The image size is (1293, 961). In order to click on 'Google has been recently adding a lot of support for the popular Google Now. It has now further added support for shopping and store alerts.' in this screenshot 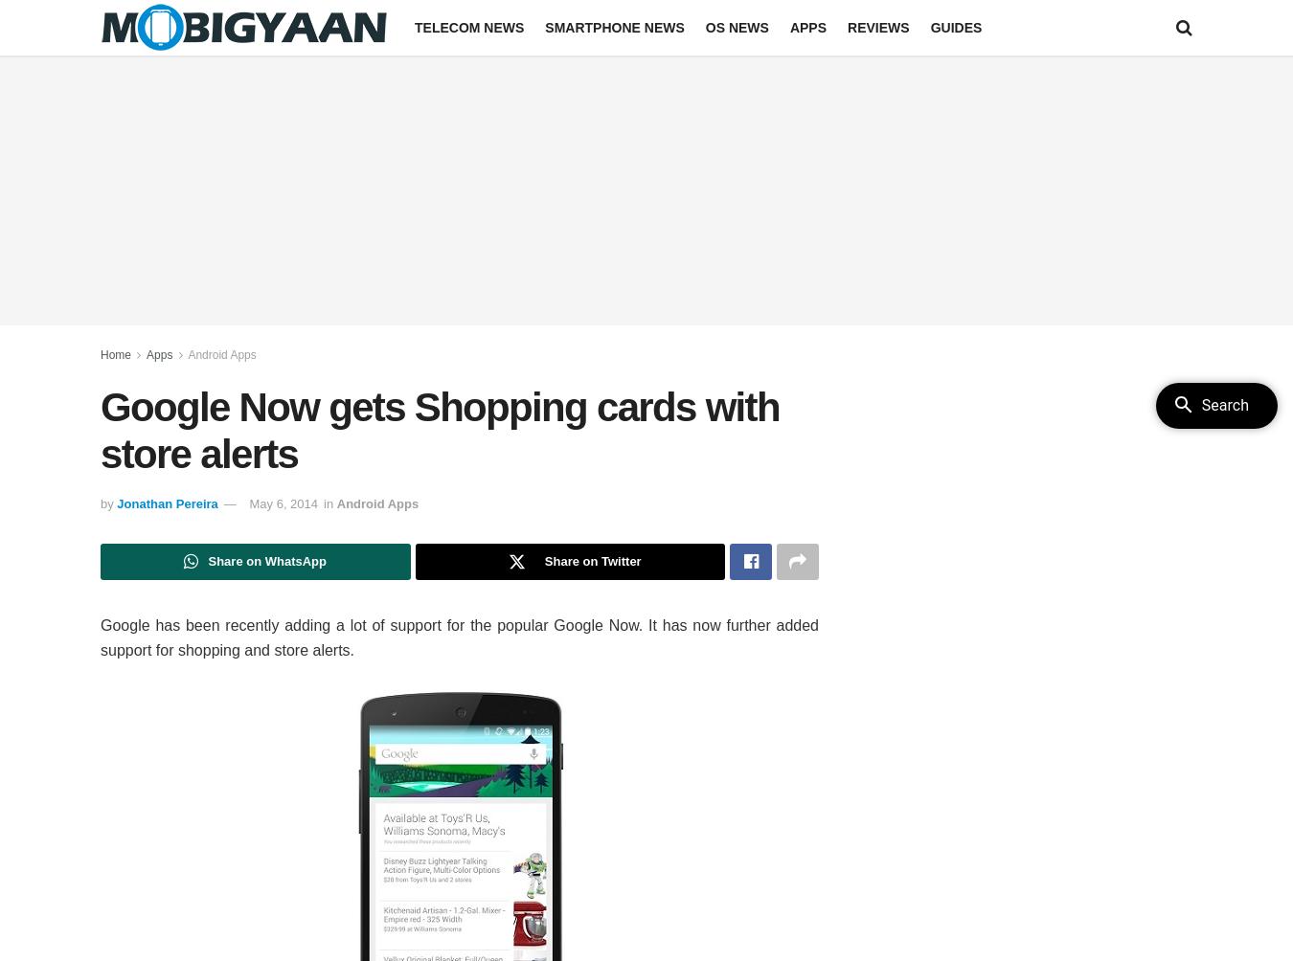, I will do `click(459, 637)`.